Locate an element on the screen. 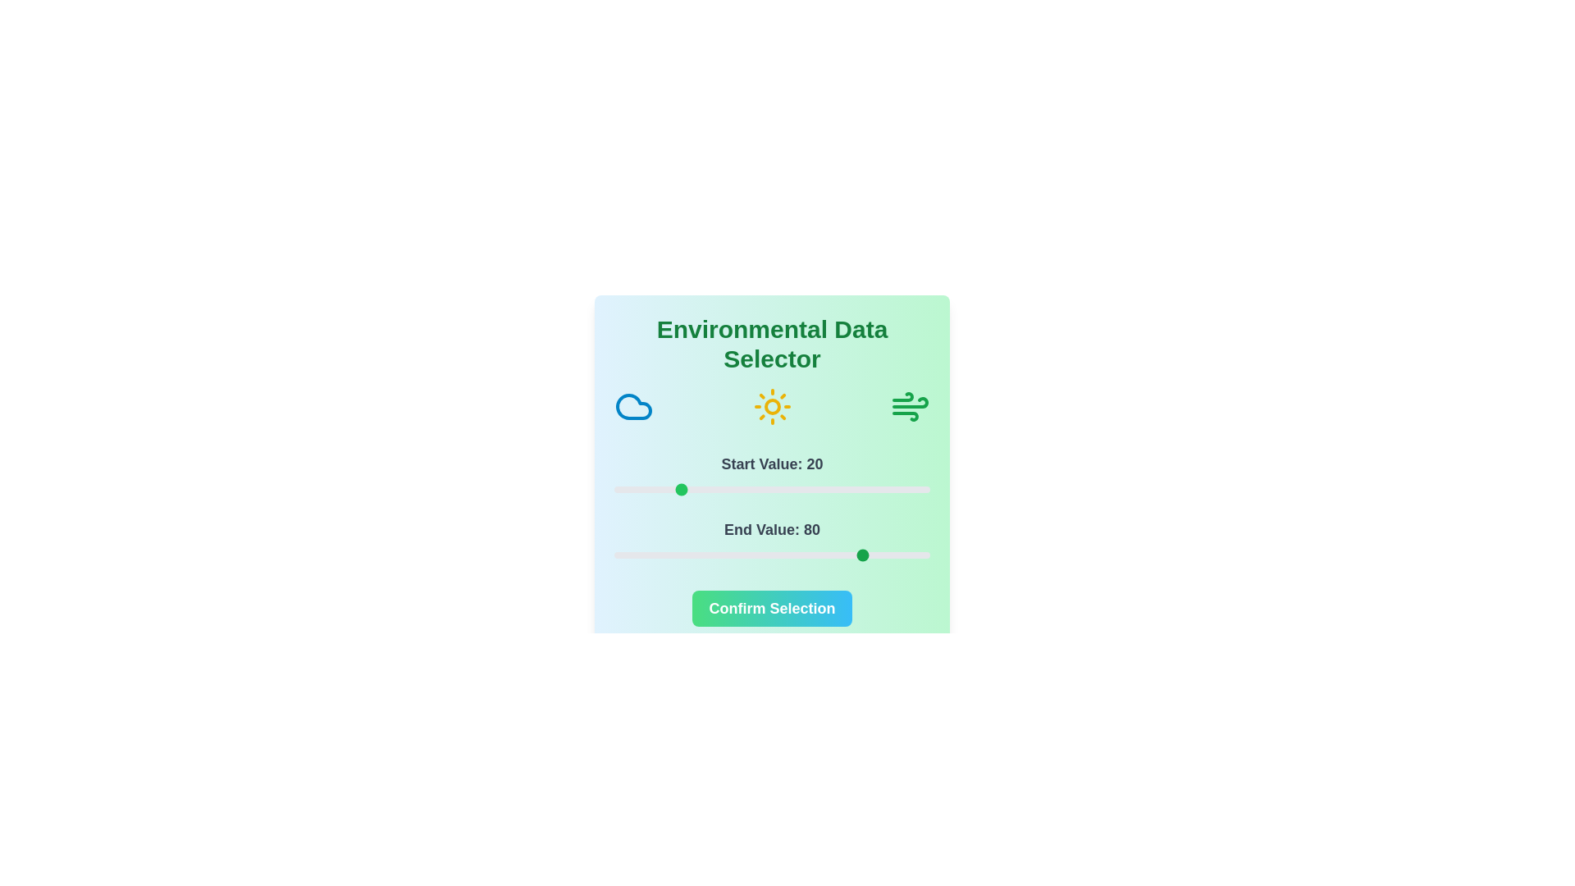 This screenshot has height=886, width=1575. the circular graphical component representing sunlight, which is located at the top-middle portion of the user interface, between the cloud icon on the left and the wind icon on the right is located at coordinates (771, 406).